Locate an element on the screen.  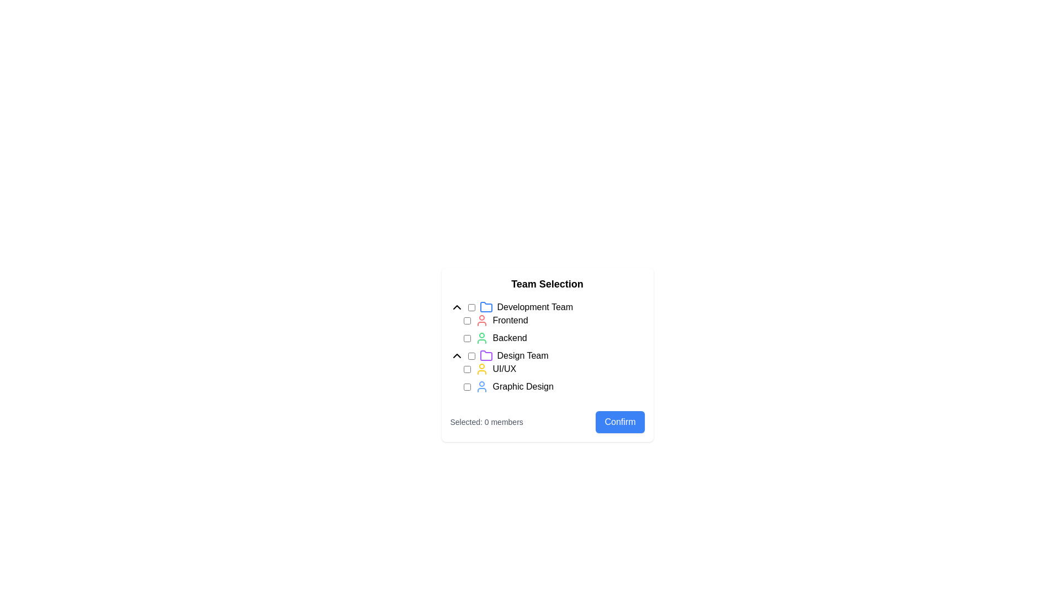
the section containing grouped selectable options for team categories, specifically focusing on the 'Development Team' and 'Design Team' labels is located at coordinates (547, 346).